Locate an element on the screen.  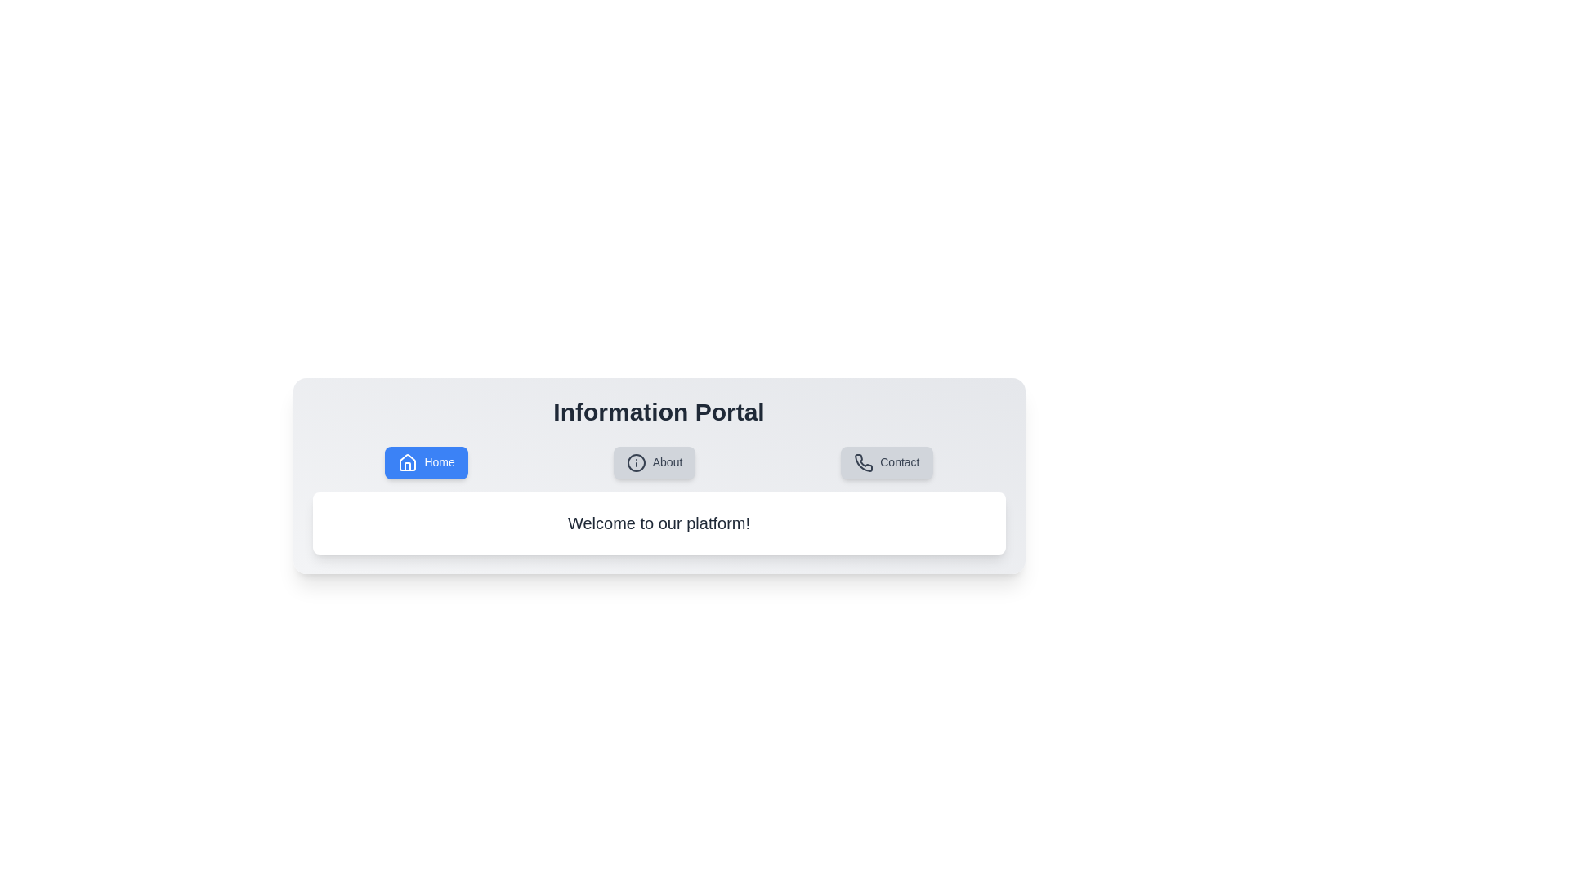
the 'About' tab in the Tab Bar, which serves as a navigation bar for the application, located below the heading 'Information Portal' is located at coordinates (659, 463).